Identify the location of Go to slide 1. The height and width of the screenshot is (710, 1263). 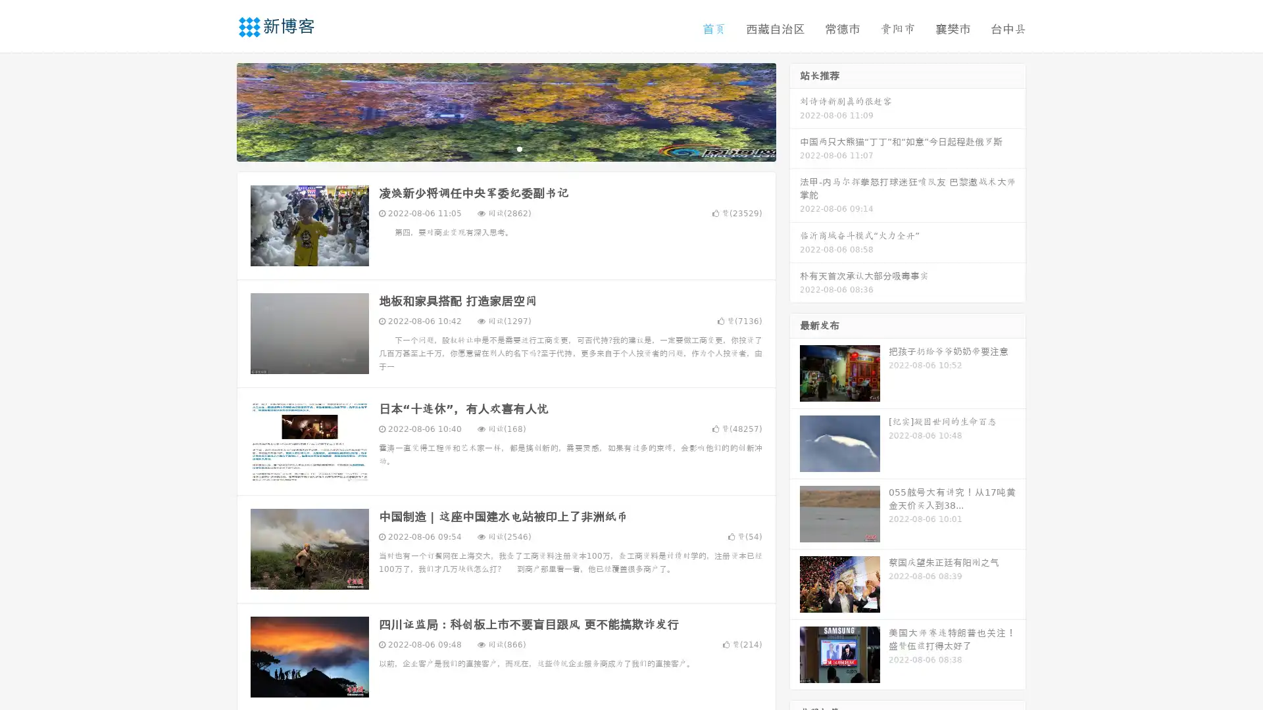
(492, 148).